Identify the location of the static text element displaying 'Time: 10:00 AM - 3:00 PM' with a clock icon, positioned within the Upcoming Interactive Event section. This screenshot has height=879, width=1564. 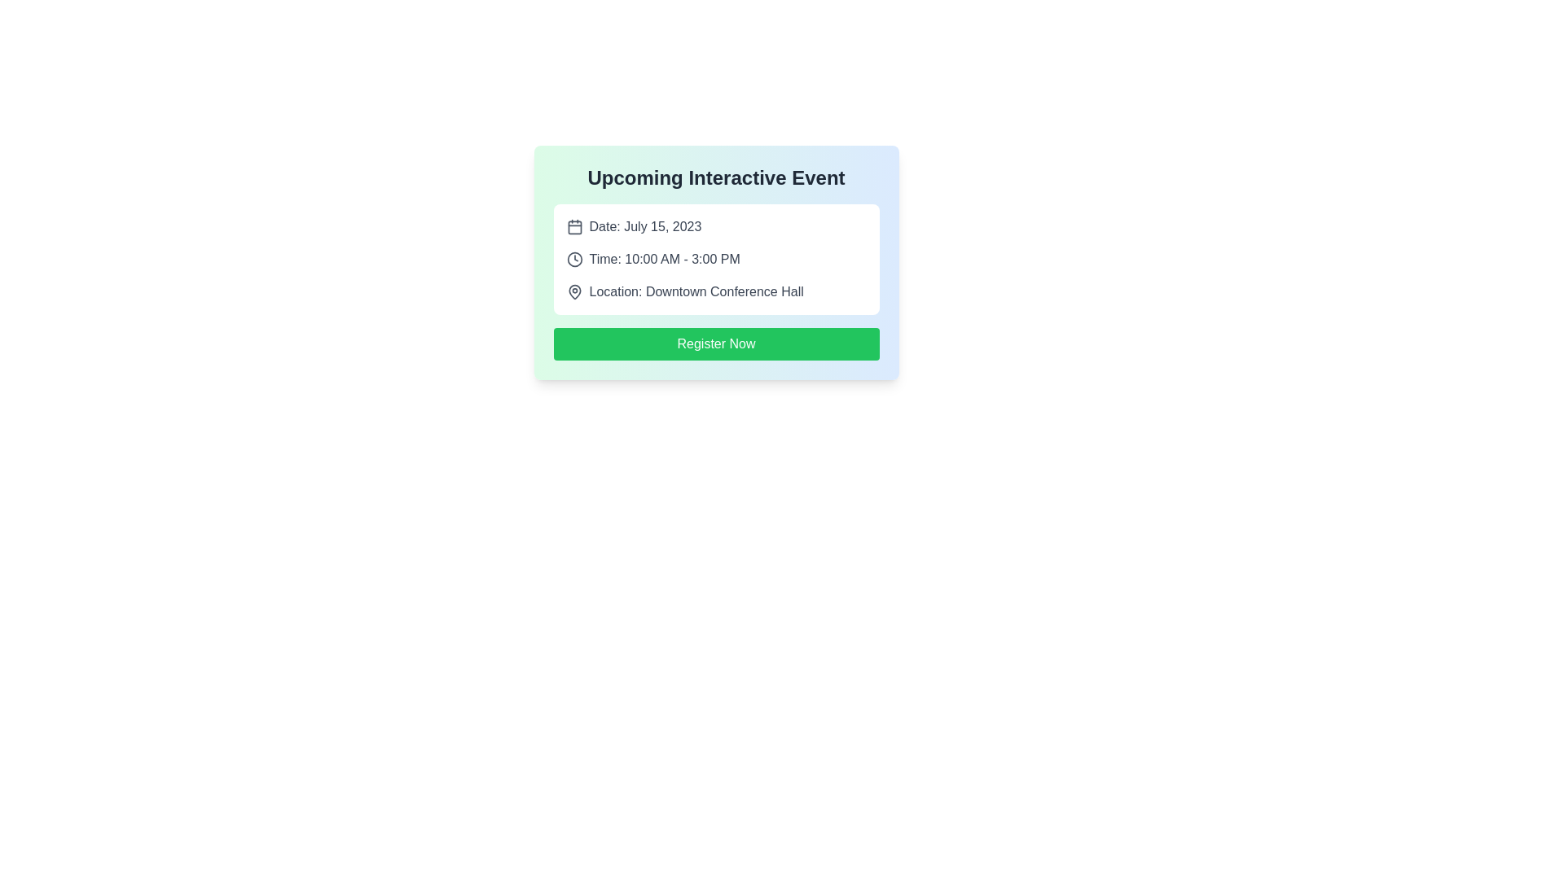
(716, 259).